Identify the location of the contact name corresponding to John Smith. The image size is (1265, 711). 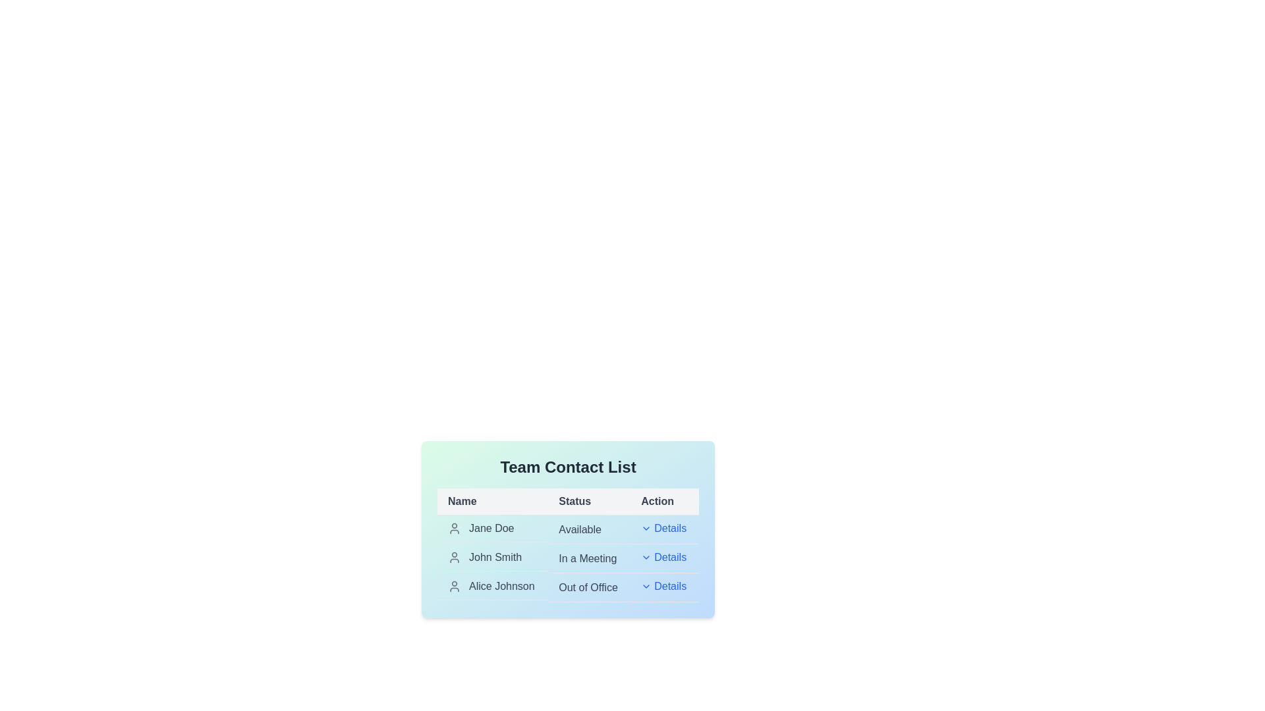
(492, 558).